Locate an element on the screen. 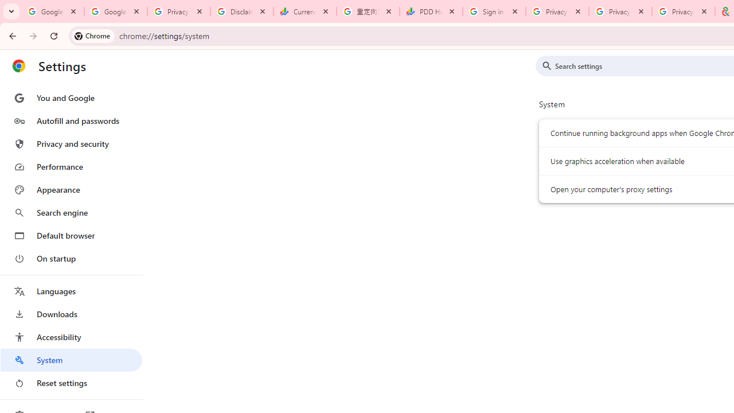  'Autofill and passwords' is located at coordinates (71, 120).